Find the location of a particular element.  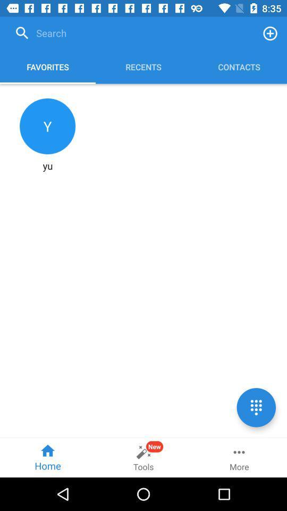

item is located at coordinates (270, 33).